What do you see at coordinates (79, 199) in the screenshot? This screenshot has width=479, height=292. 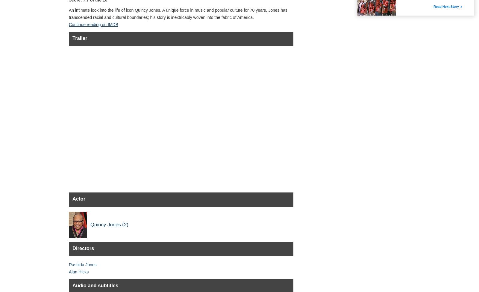 I see `'Actor'` at bounding box center [79, 199].